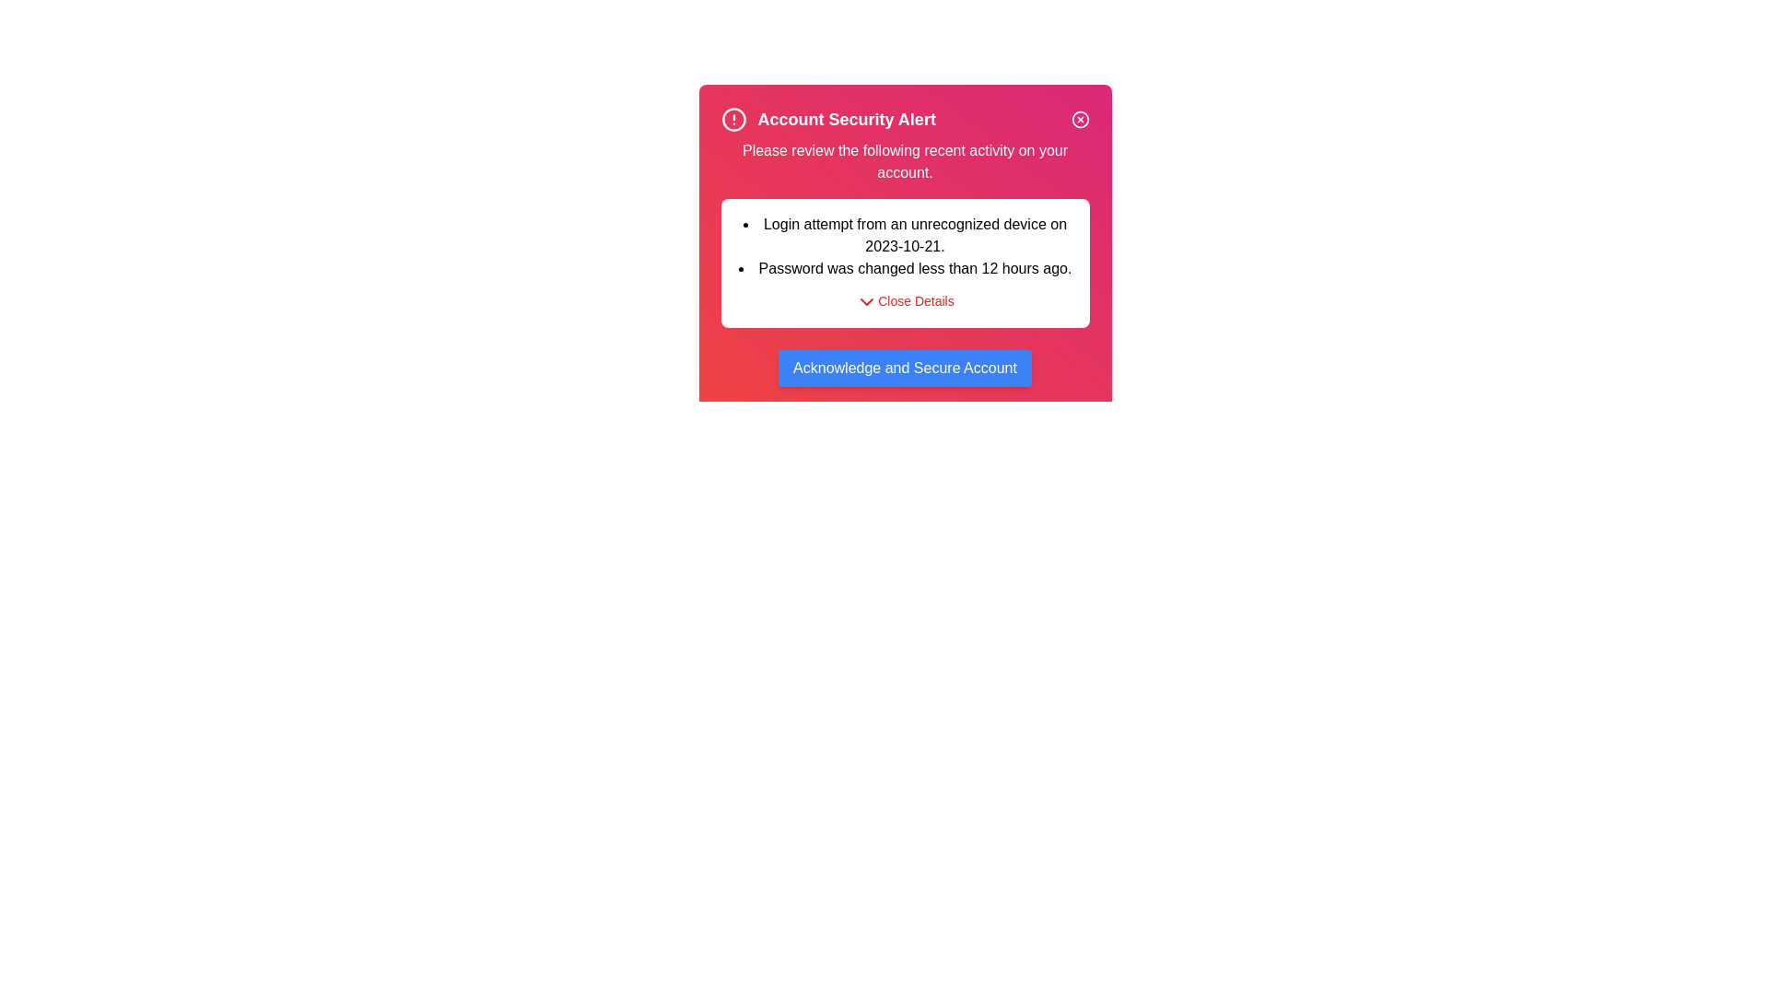  I want to click on the SVG circle graphic, which is a circular outline with a diameter of approximately 20 pixels located near the top-right corner of the alert box with a magenta gradient background, so click(1080, 120).